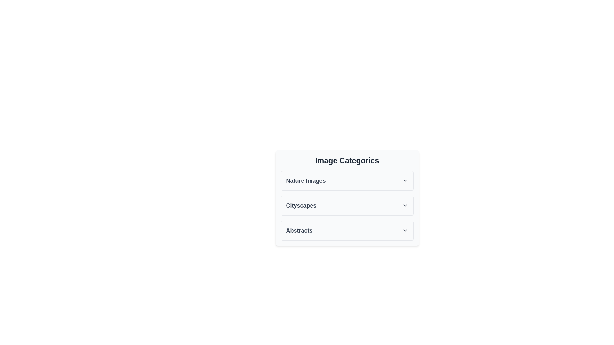  What do you see at coordinates (405, 206) in the screenshot?
I see `the toggle icon for the Cityscapes section to expand or collapse it` at bounding box center [405, 206].